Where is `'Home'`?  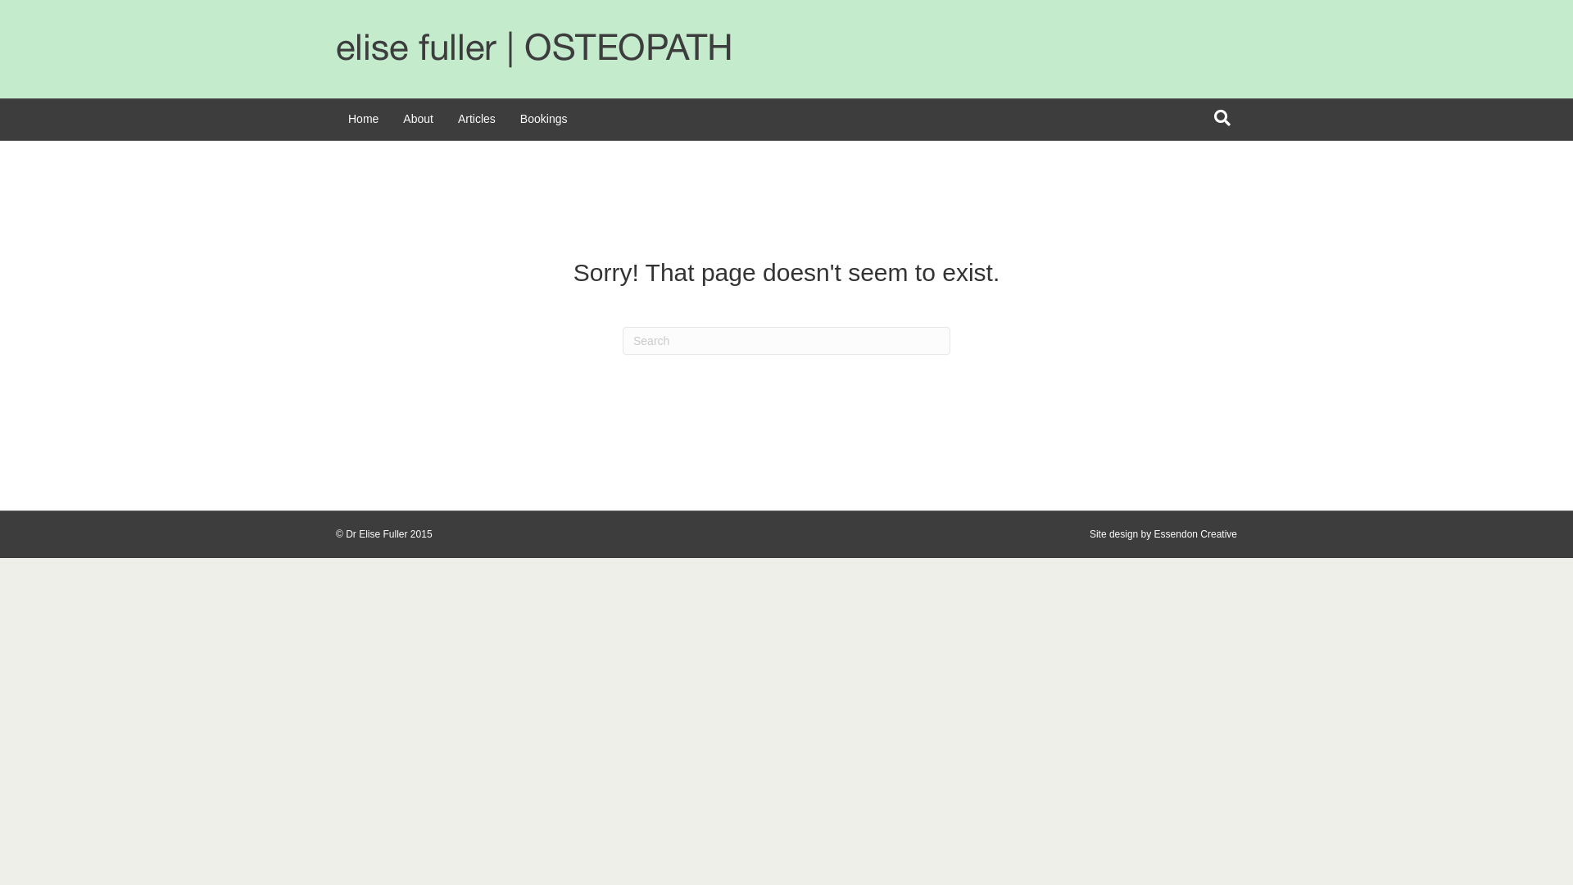
'Home' is located at coordinates (362, 119).